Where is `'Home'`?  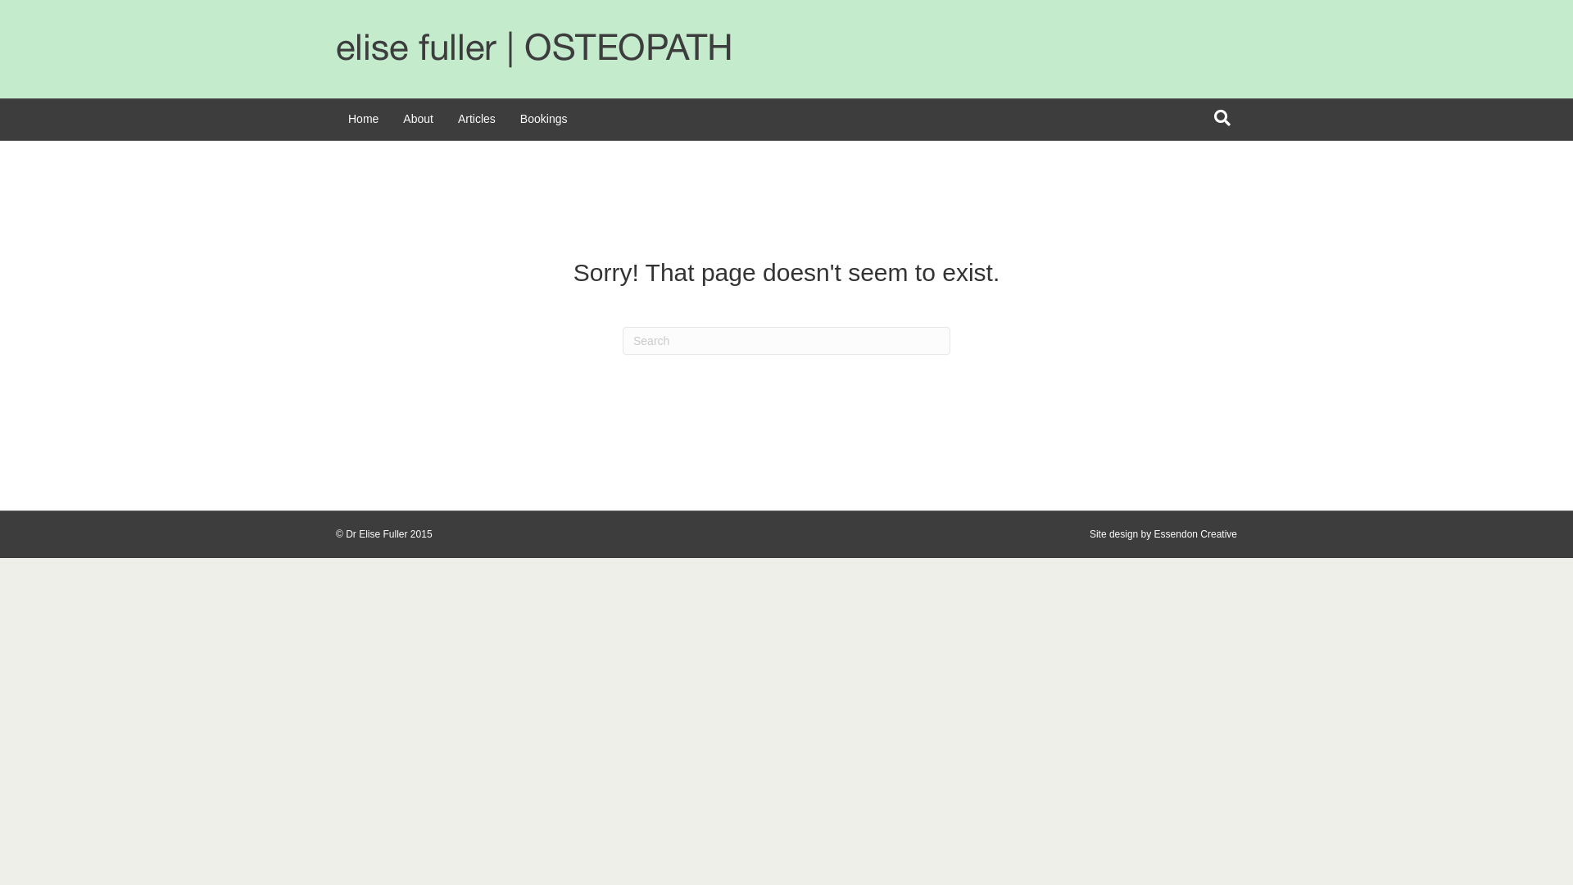
'Home' is located at coordinates (362, 119).